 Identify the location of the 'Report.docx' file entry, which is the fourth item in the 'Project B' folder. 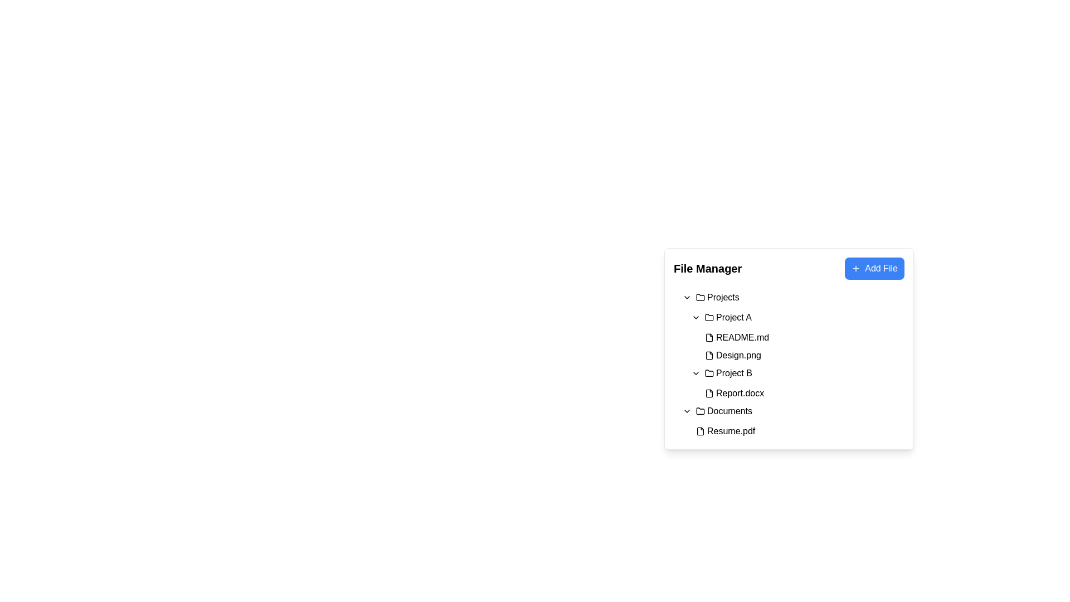
(797, 392).